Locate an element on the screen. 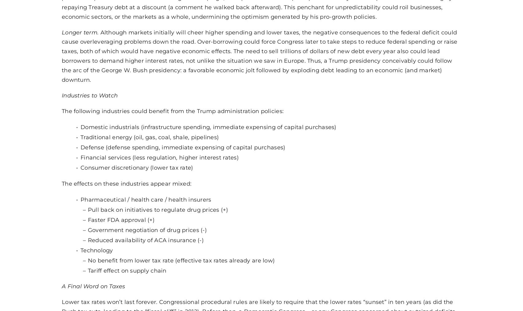 This screenshot has height=311, width=523. 'Consumer discretionary (lower tax rate)' is located at coordinates (136, 167).